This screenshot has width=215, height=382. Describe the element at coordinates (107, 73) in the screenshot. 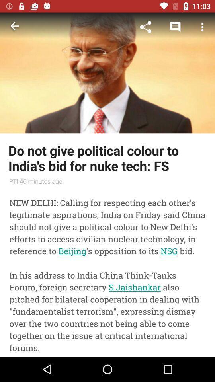

I see `expand image` at that location.